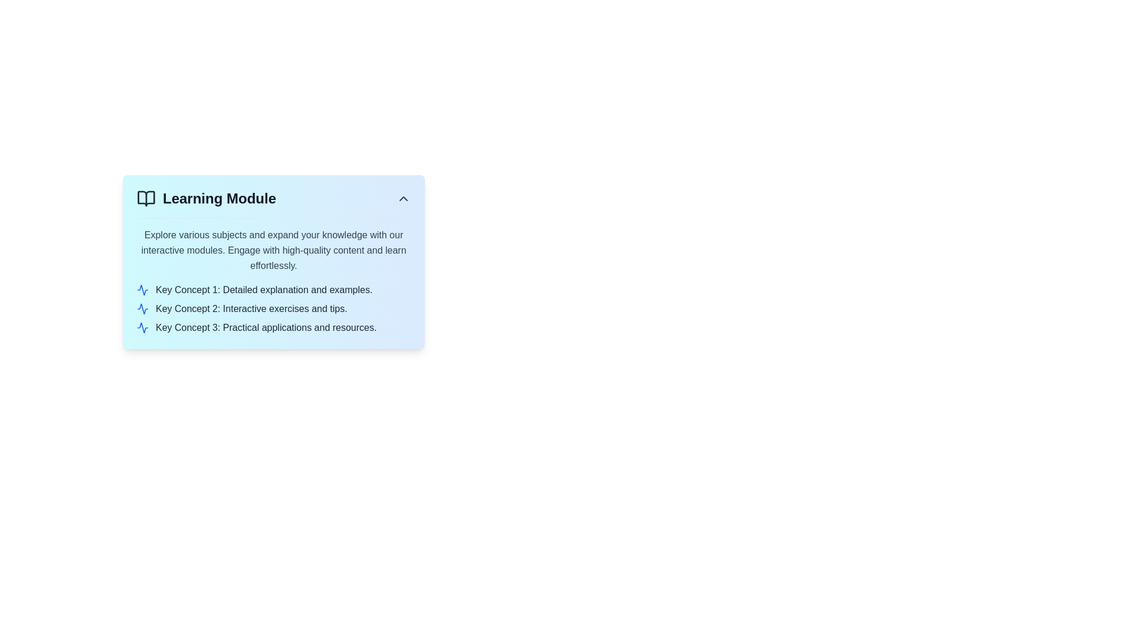 This screenshot has width=1133, height=637. I want to click on the informational Text row with icon located in the 'Learning Module', which is the third item in the vertical list, so click(273, 327).